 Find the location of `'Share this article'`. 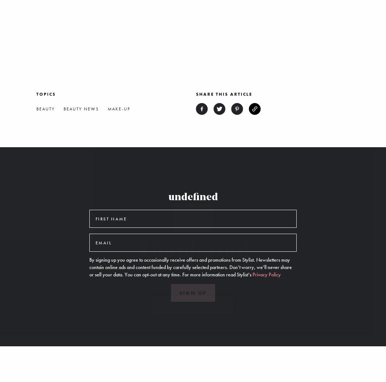

'Share this article' is located at coordinates (196, 93).